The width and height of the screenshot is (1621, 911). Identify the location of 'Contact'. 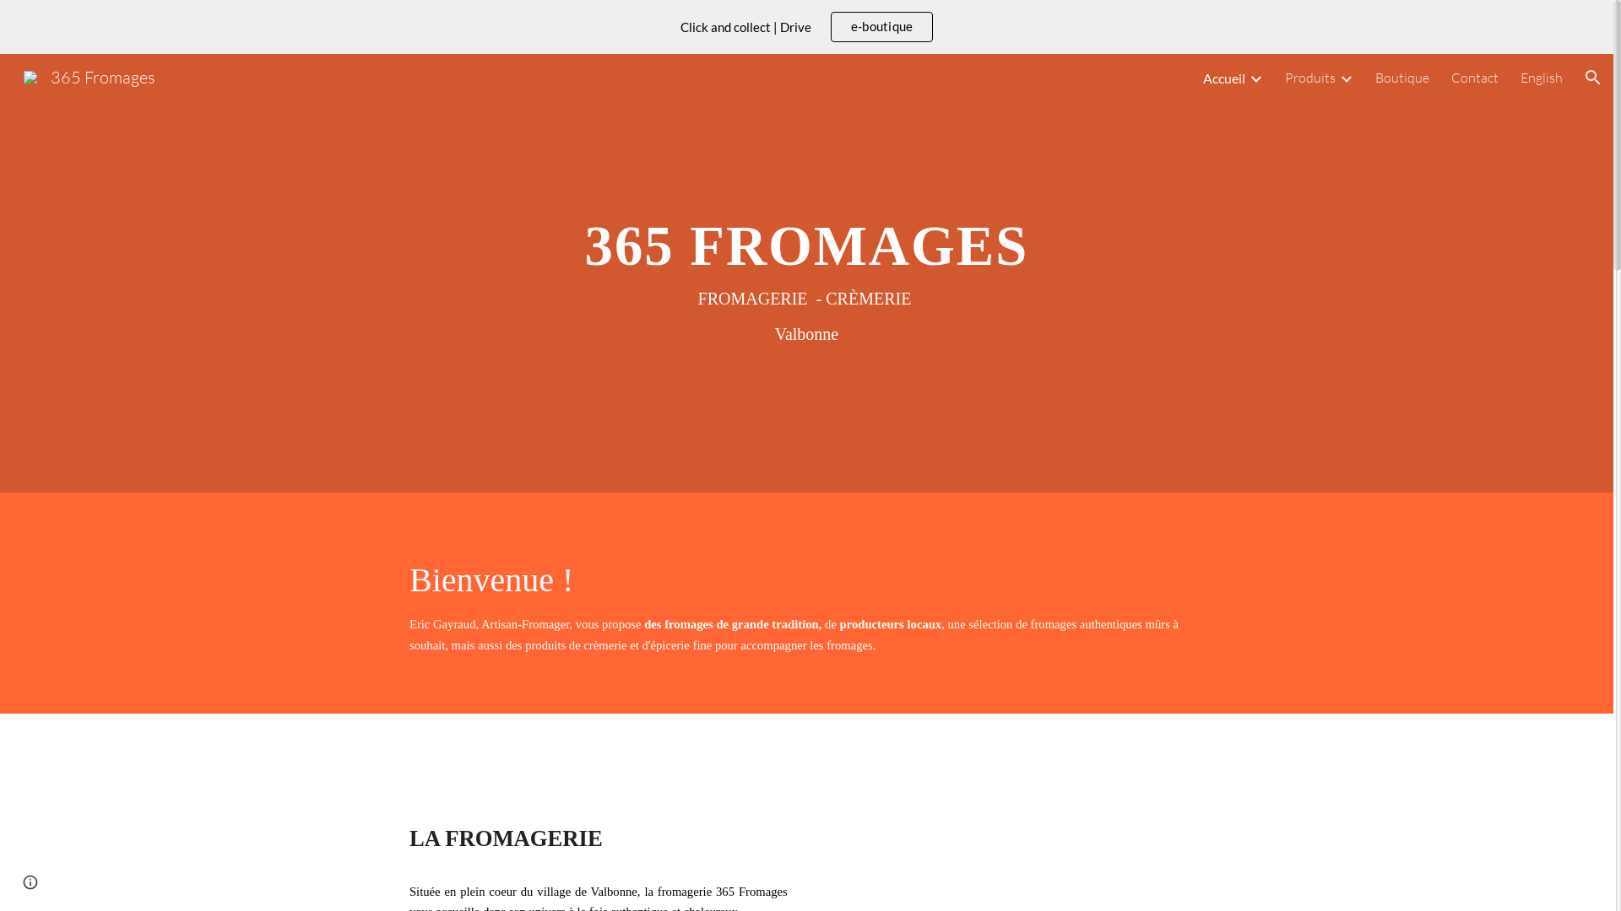
(1474, 78).